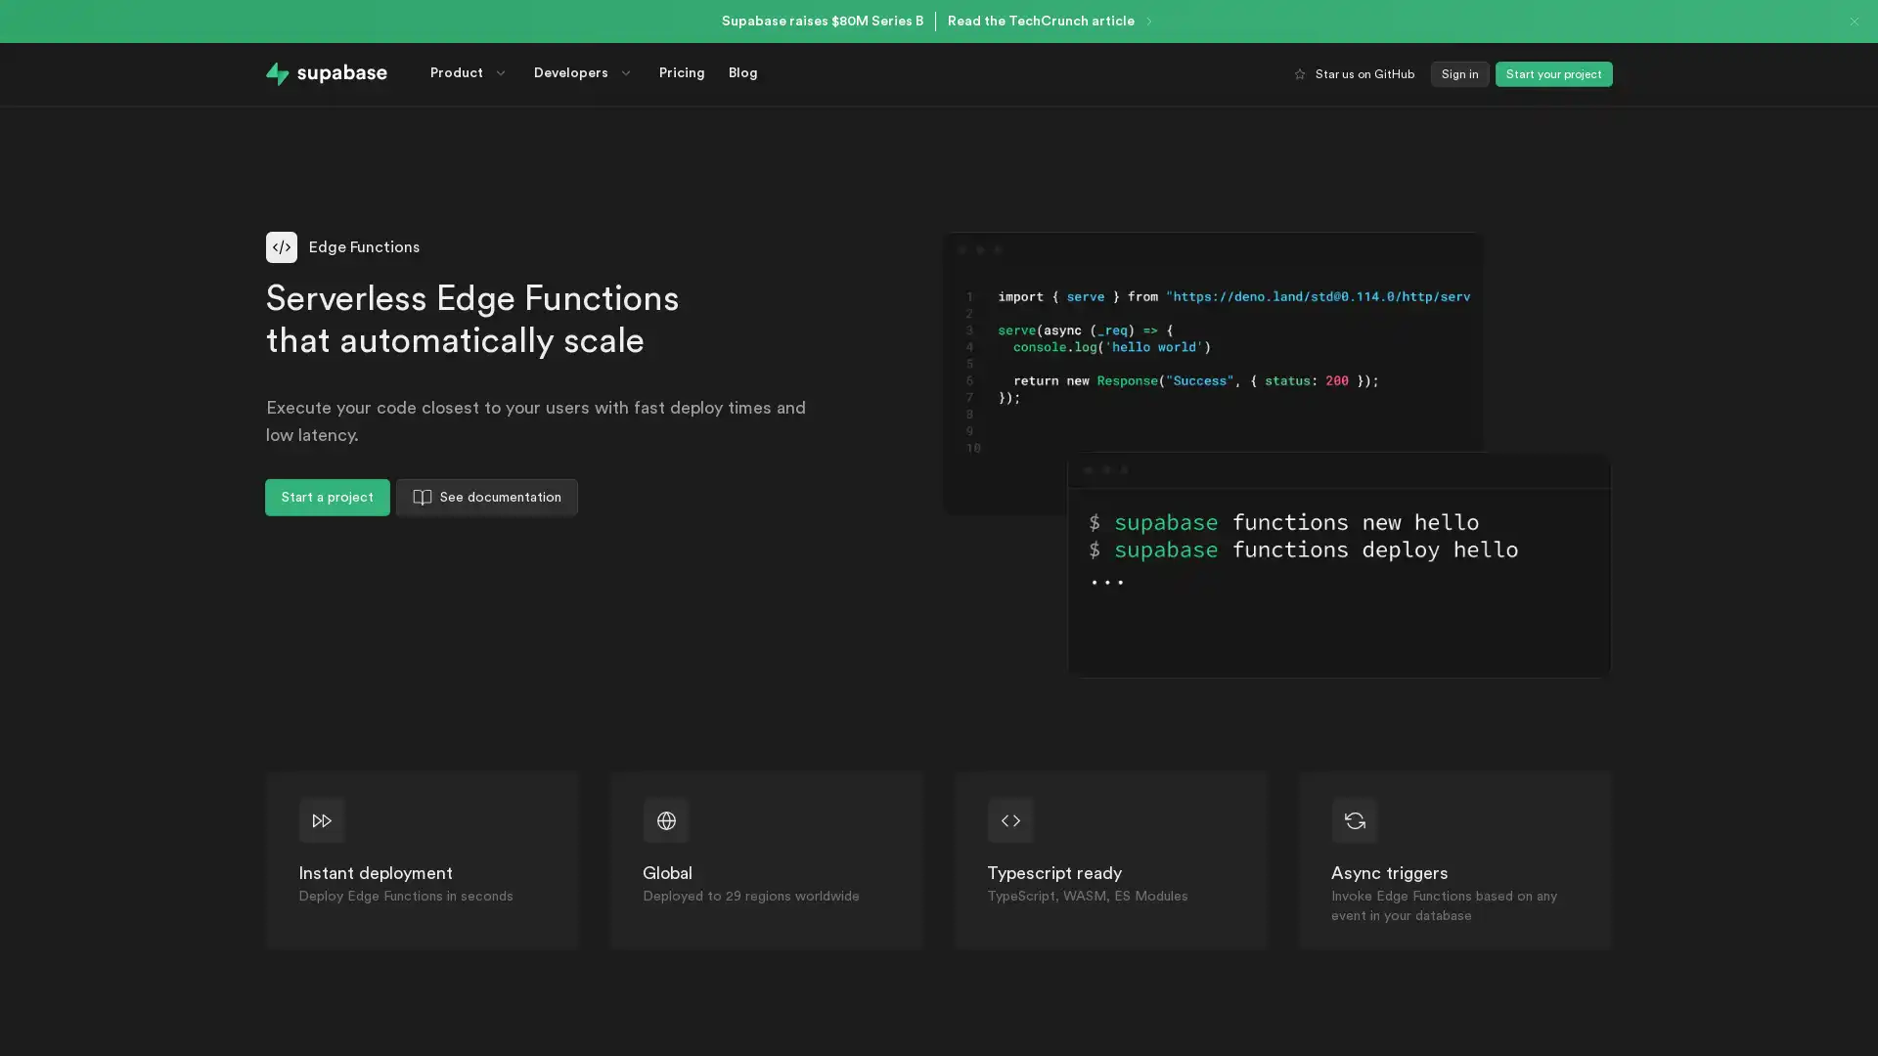  Describe the element at coordinates (1459, 73) in the screenshot. I see `Sign in` at that location.